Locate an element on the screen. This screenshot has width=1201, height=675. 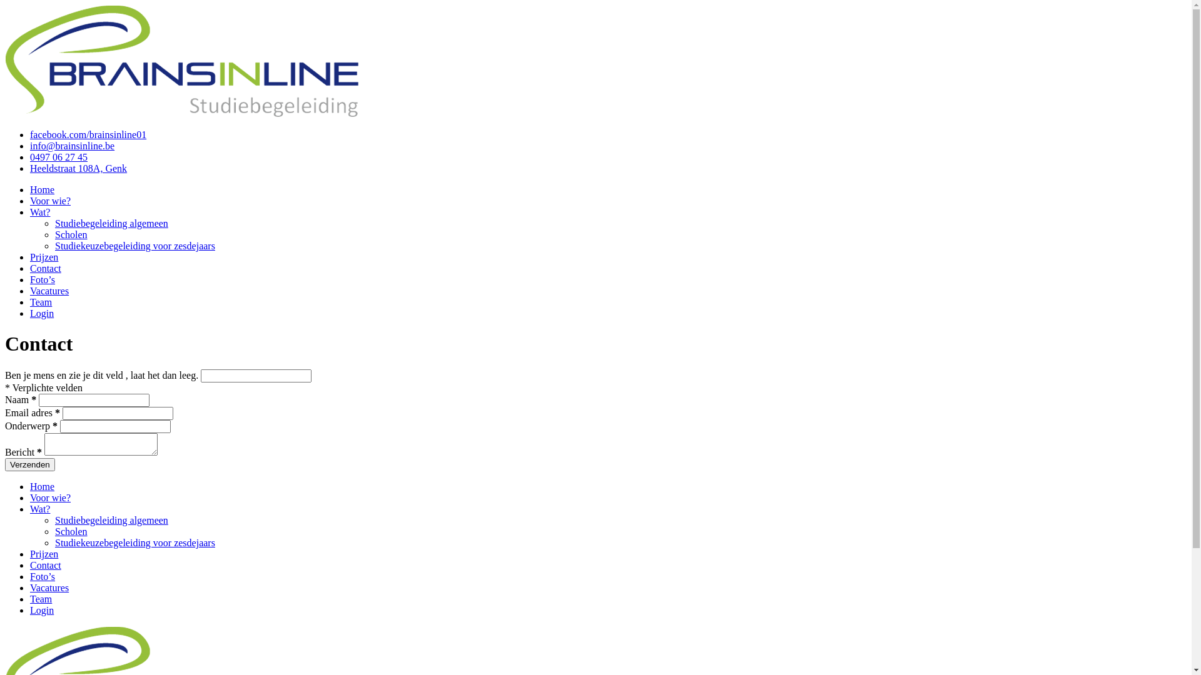
'Studiebegeleiding algemeen' is located at coordinates (111, 520).